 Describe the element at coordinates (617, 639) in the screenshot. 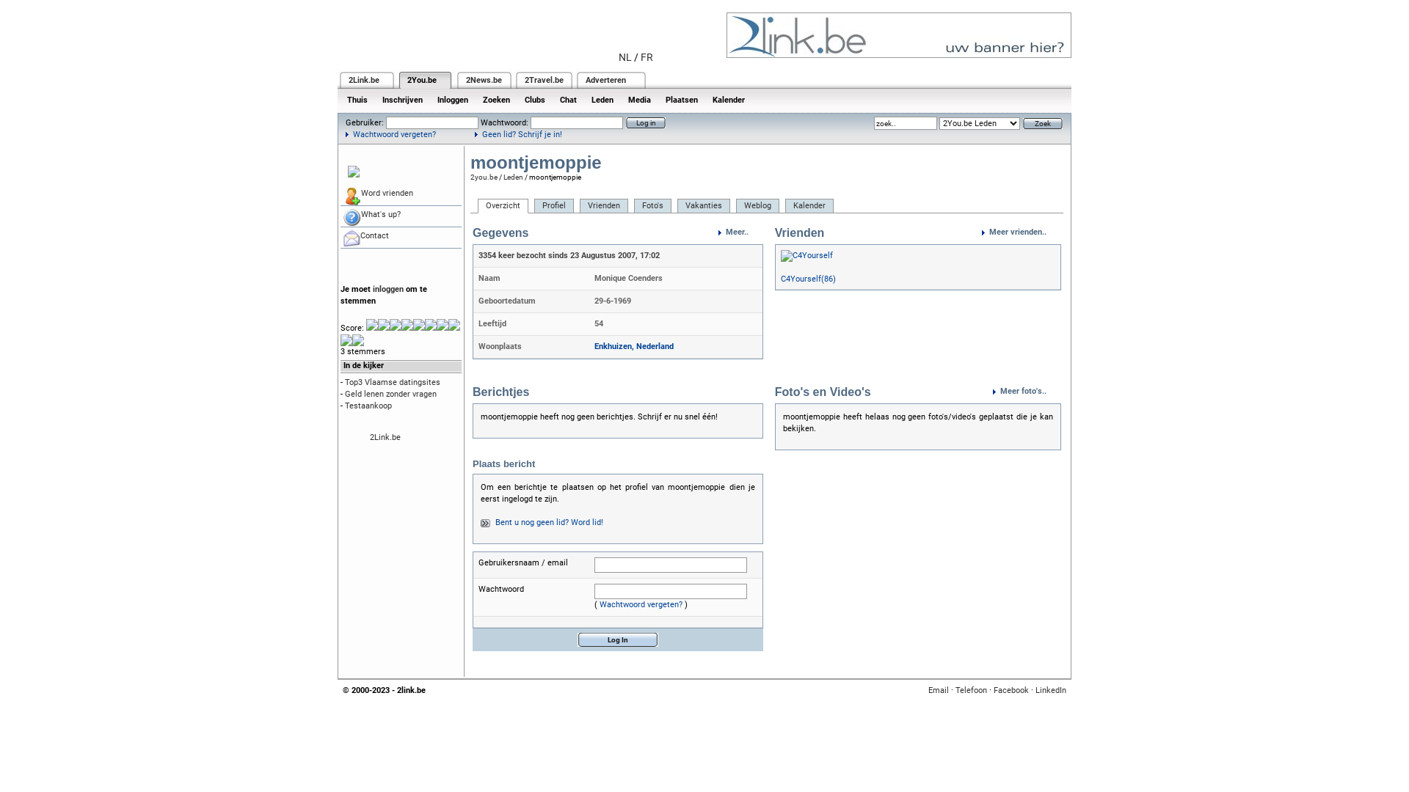

I see `'Log In'` at that location.